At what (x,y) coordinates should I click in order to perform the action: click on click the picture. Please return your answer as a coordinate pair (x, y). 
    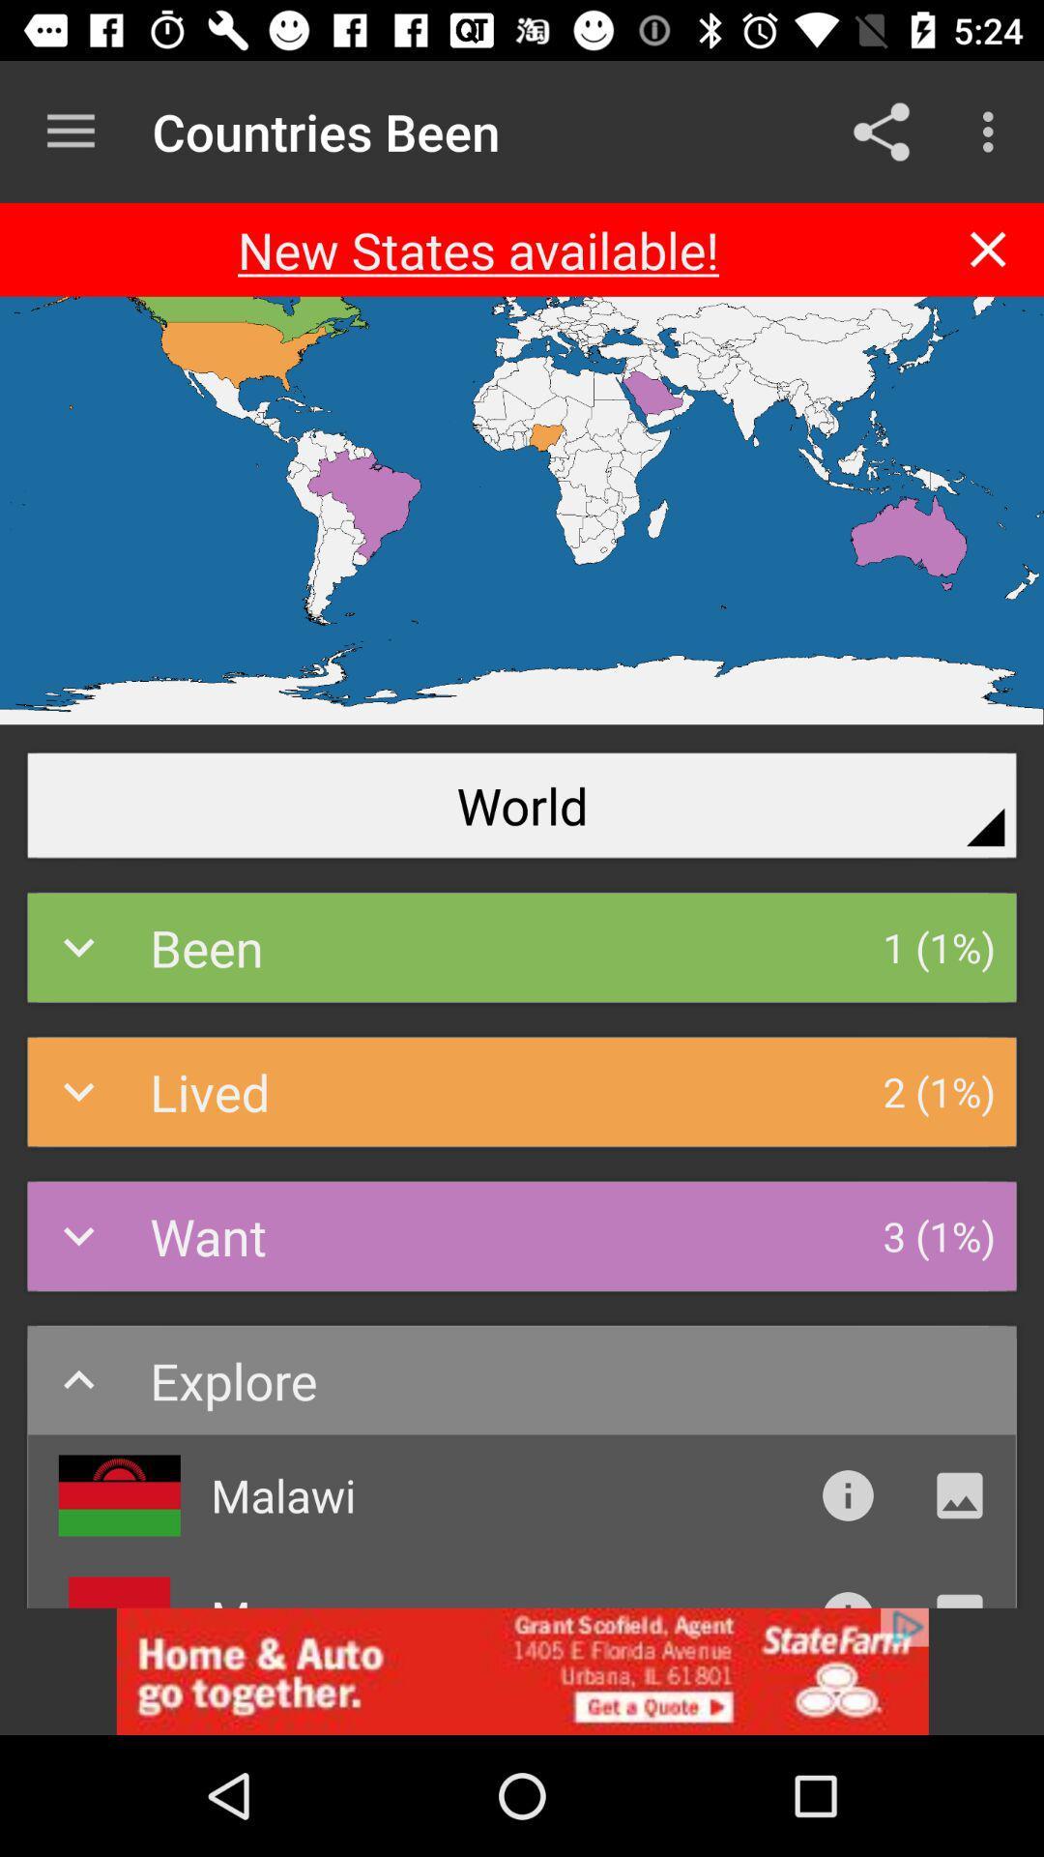
    Looking at the image, I should click on (959, 1494).